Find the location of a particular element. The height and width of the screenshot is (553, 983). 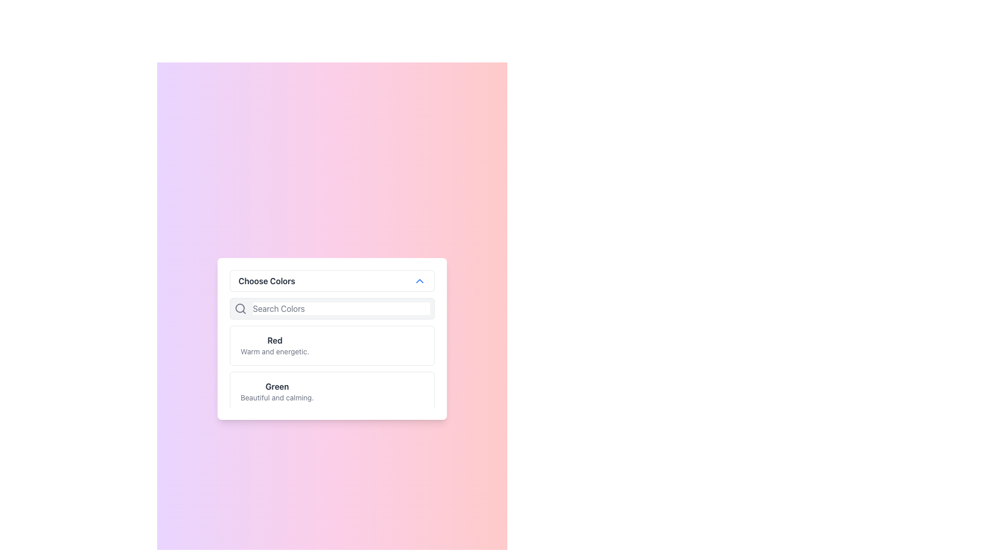

the title text element for the 'green' color option is located at coordinates (277, 387).